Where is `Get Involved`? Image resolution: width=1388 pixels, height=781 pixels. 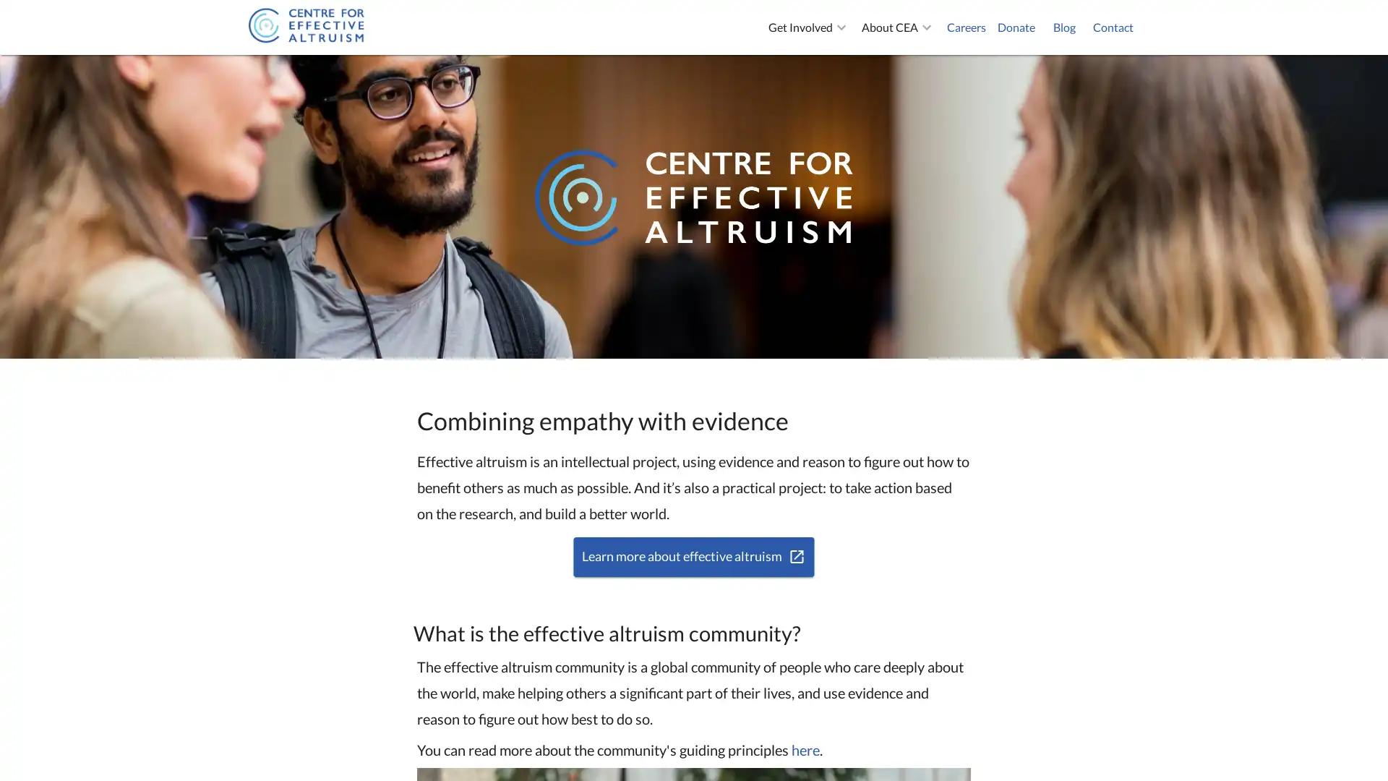
Get Involved is located at coordinates (808, 27).